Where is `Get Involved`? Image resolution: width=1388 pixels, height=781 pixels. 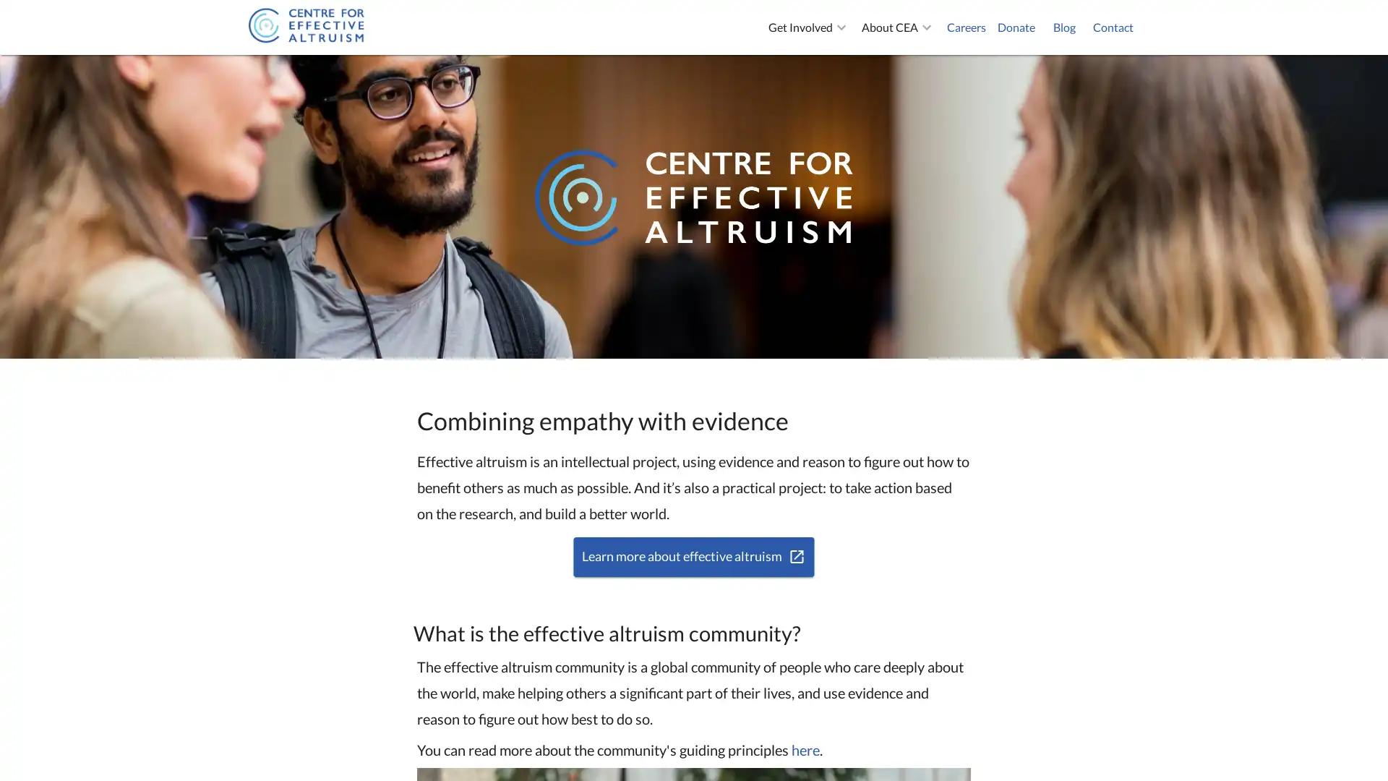
Get Involved is located at coordinates (808, 27).